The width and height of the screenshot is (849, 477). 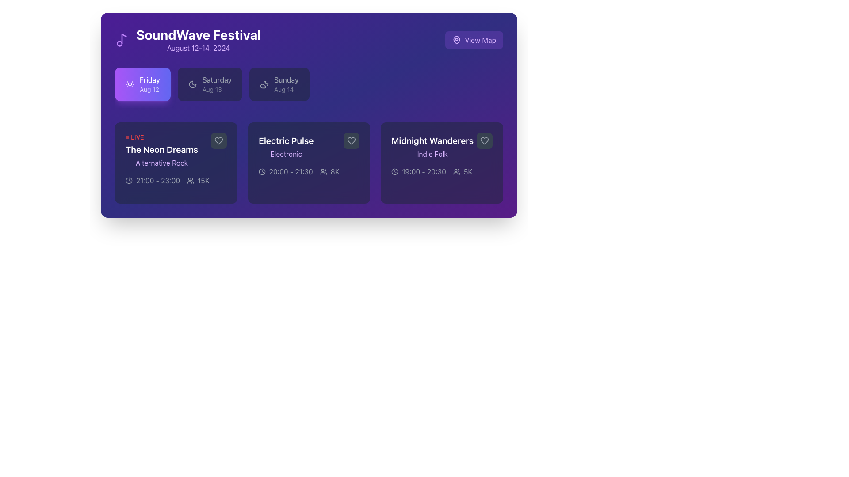 I want to click on the SVG Icon (Crescent Moon) located near the top-right corner of the 'Friday Aug 12' button to identify the dark mode setting, so click(x=192, y=84).